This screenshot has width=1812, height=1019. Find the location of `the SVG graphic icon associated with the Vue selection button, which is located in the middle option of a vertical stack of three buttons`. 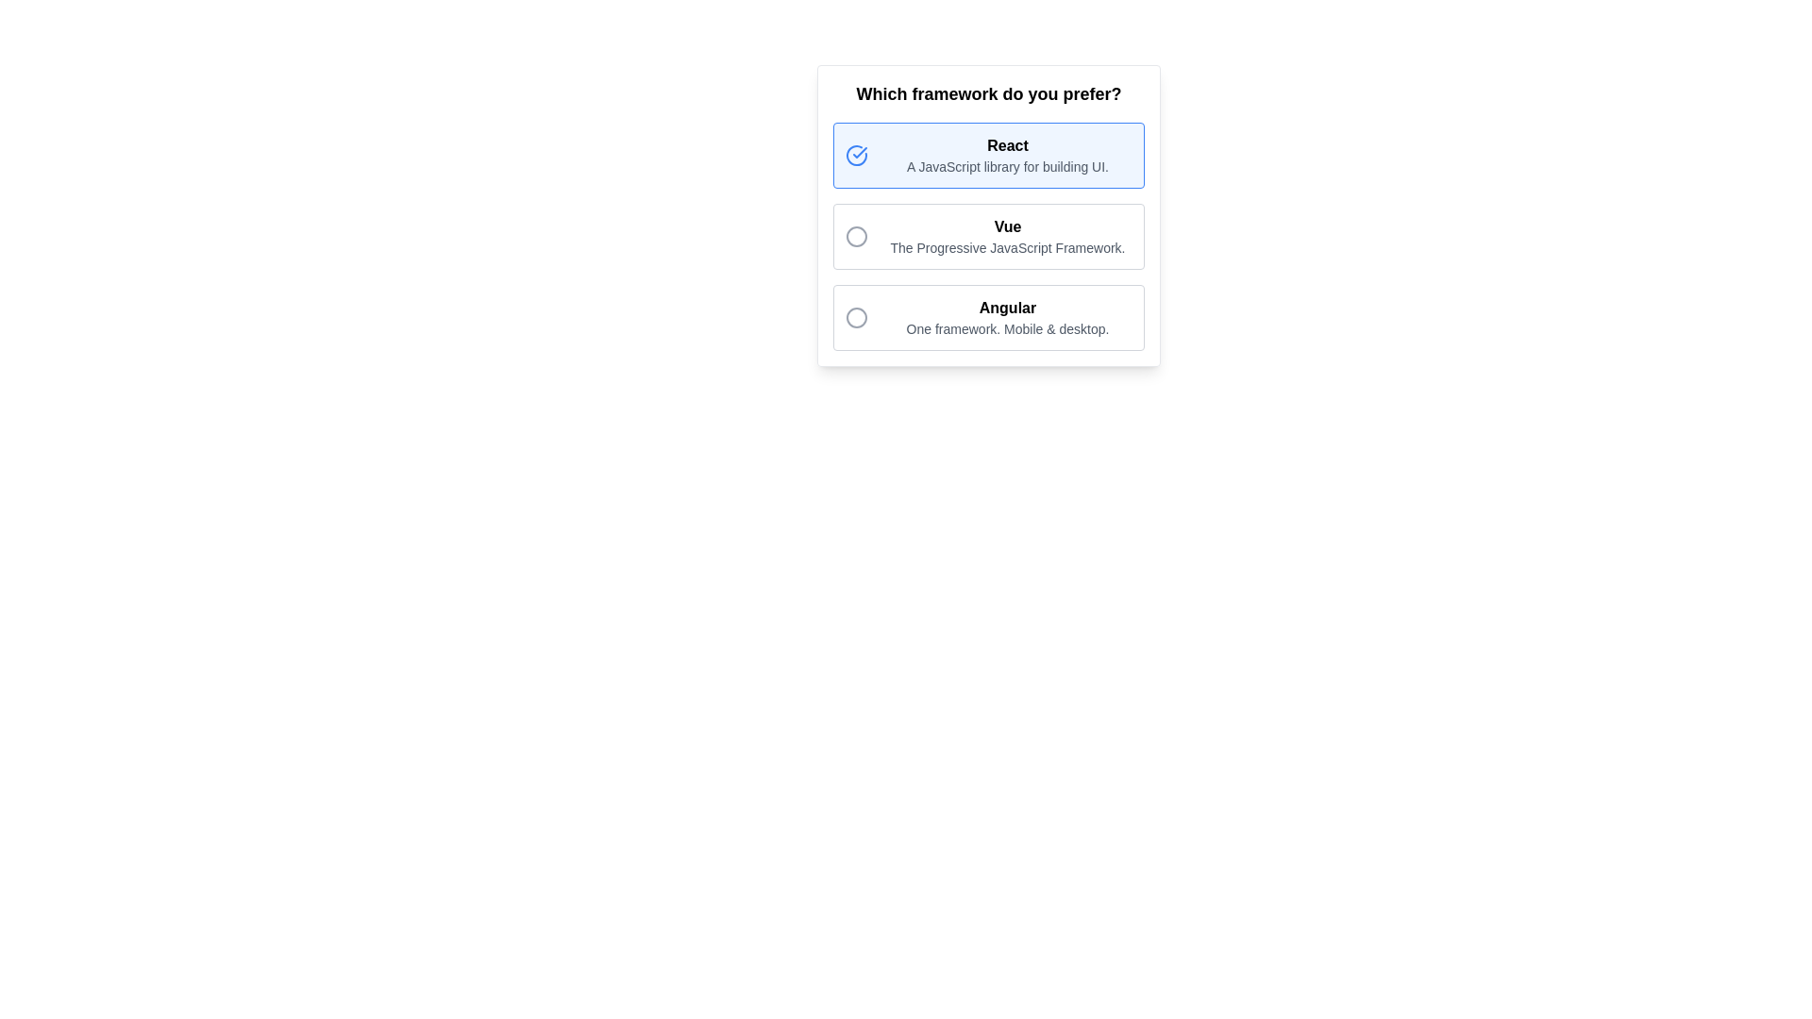

the SVG graphic icon associated with the Vue selection button, which is located in the middle option of a vertical stack of three buttons is located at coordinates (855, 235).